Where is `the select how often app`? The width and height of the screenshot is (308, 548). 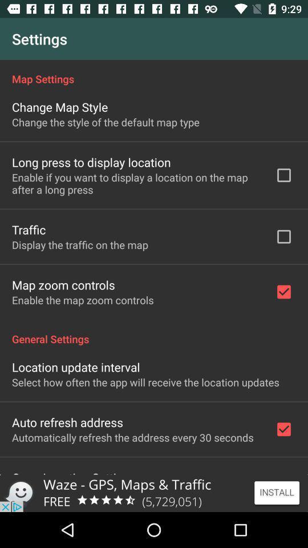 the select how often app is located at coordinates (145, 382).